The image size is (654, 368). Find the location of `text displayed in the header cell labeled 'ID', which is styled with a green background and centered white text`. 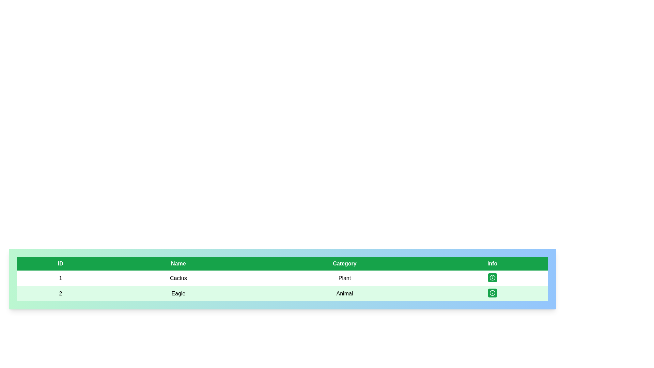

text displayed in the header cell labeled 'ID', which is styled with a green background and centered white text is located at coordinates (60, 263).